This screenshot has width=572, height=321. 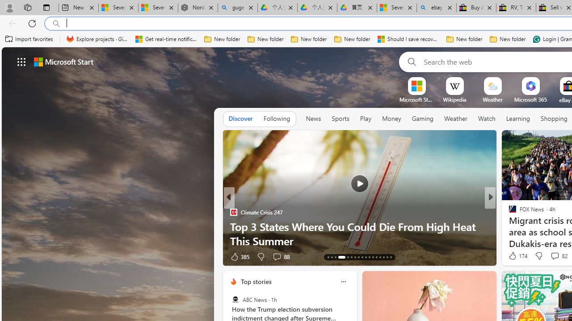 What do you see at coordinates (509, 226) in the screenshot?
I see `'The Atlantic'` at bounding box center [509, 226].